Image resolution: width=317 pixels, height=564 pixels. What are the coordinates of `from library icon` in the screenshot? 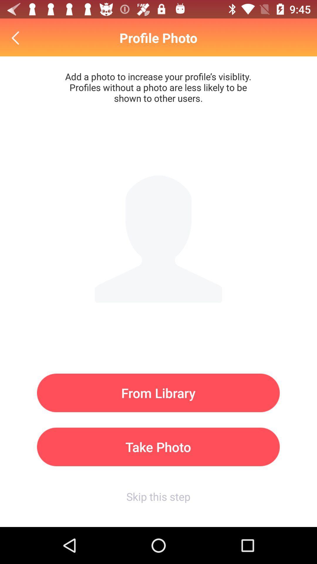 It's located at (158, 393).